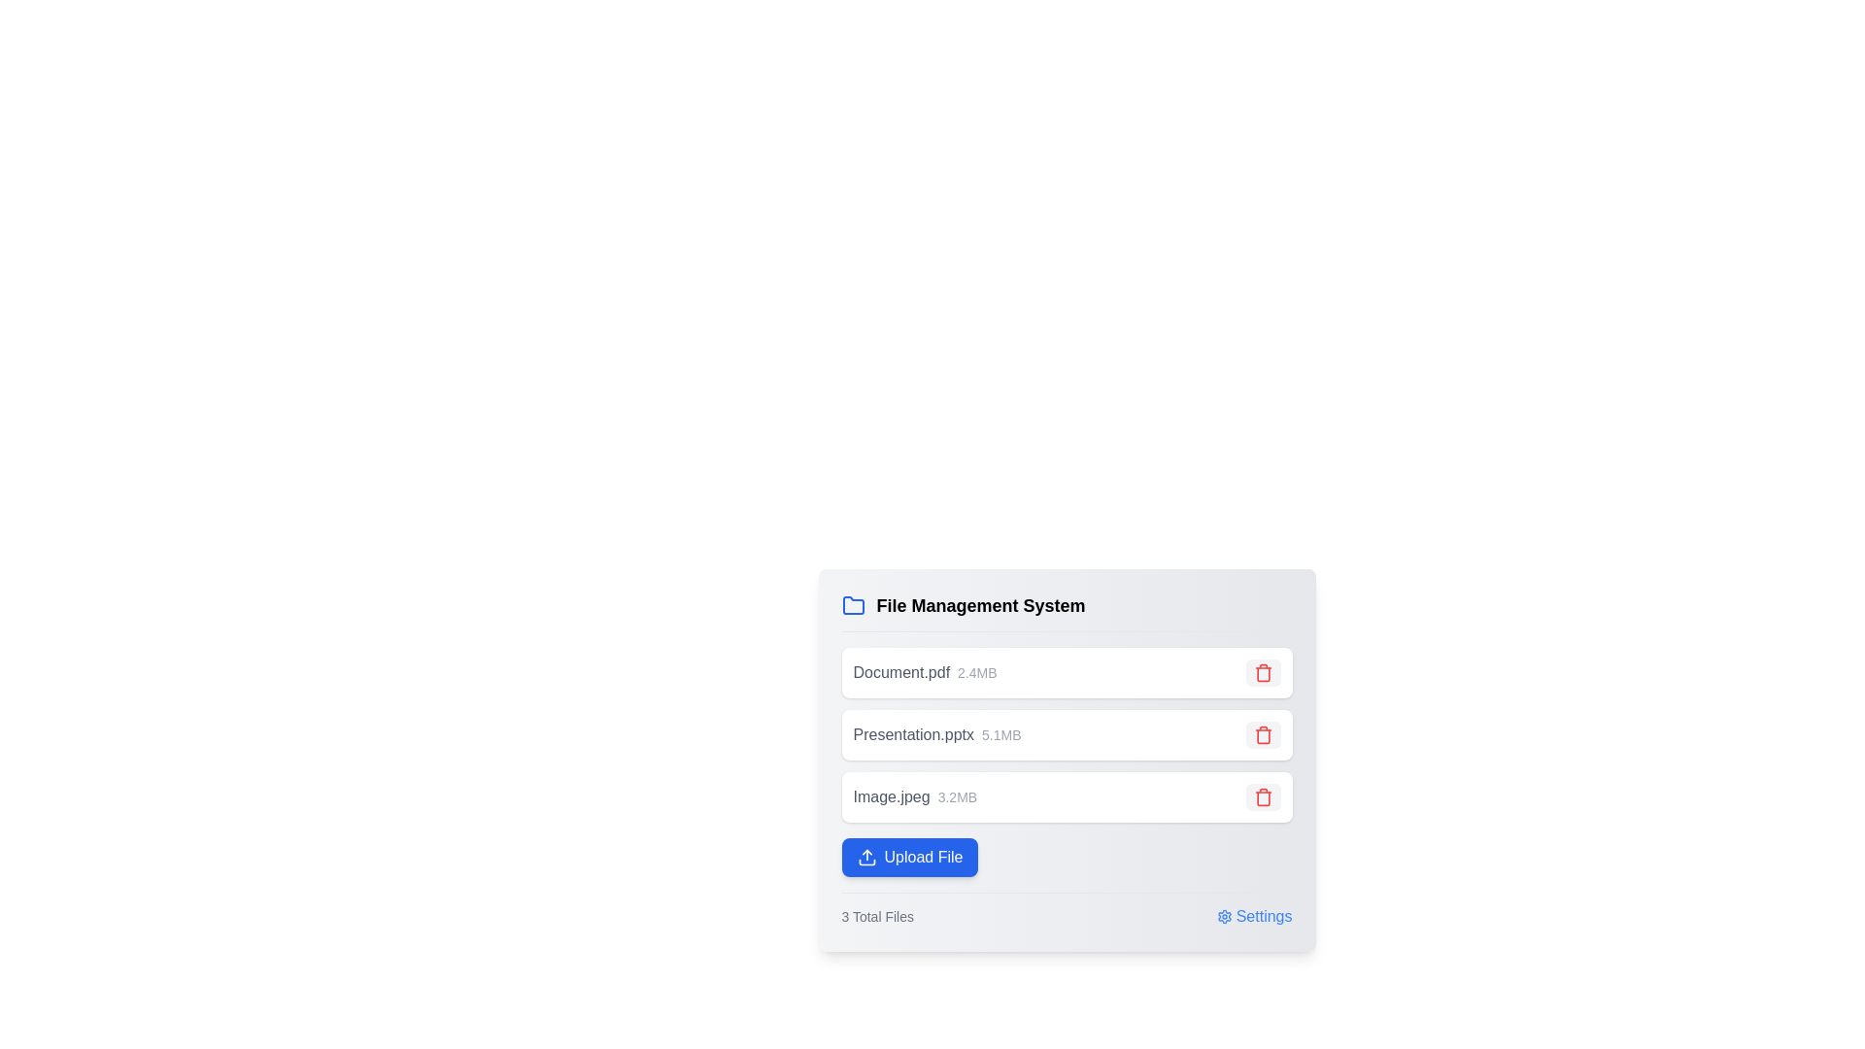 The image size is (1865, 1049). I want to click on the static text label displaying '3 Total Files', which is a small, gray text located at the bottom left of the main content area, so click(876, 917).